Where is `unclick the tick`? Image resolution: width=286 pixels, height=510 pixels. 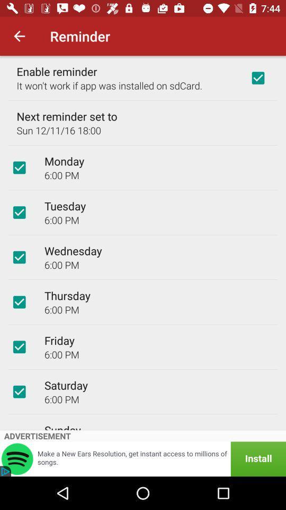
unclick the tick is located at coordinates (19, 346).